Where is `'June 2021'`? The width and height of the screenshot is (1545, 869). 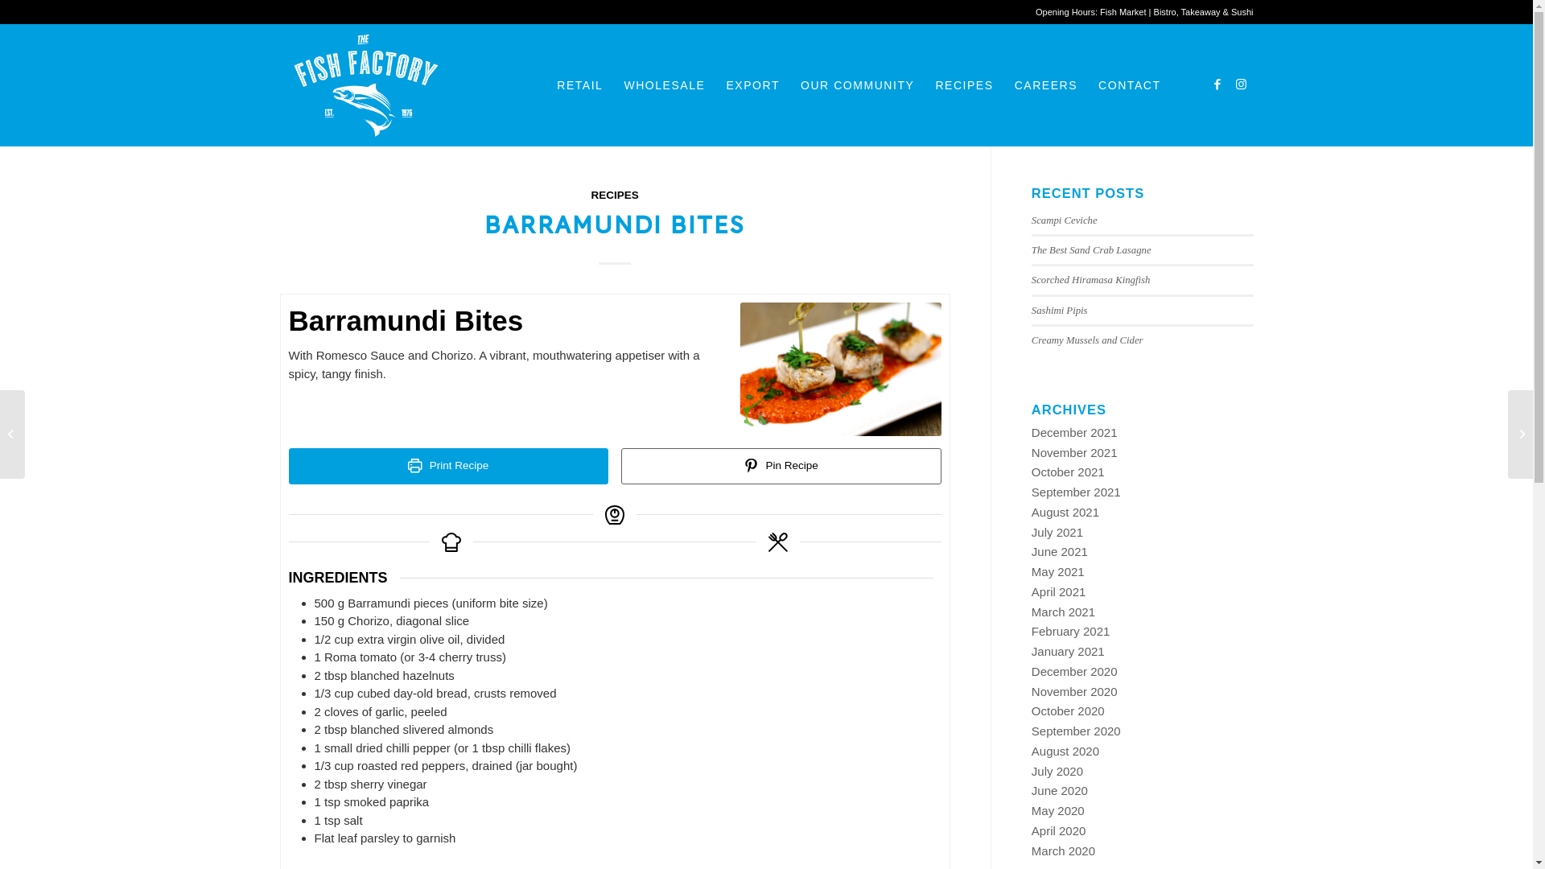 'June 2021' is located at coordinates (1059, 550).